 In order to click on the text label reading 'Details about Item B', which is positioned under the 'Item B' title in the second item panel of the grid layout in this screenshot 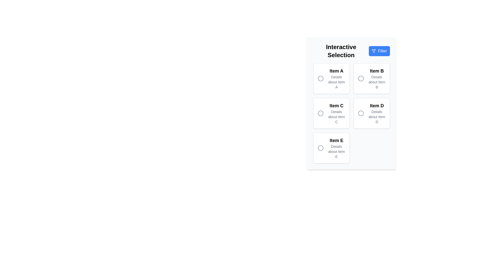, I will do `click(377, 82)`.